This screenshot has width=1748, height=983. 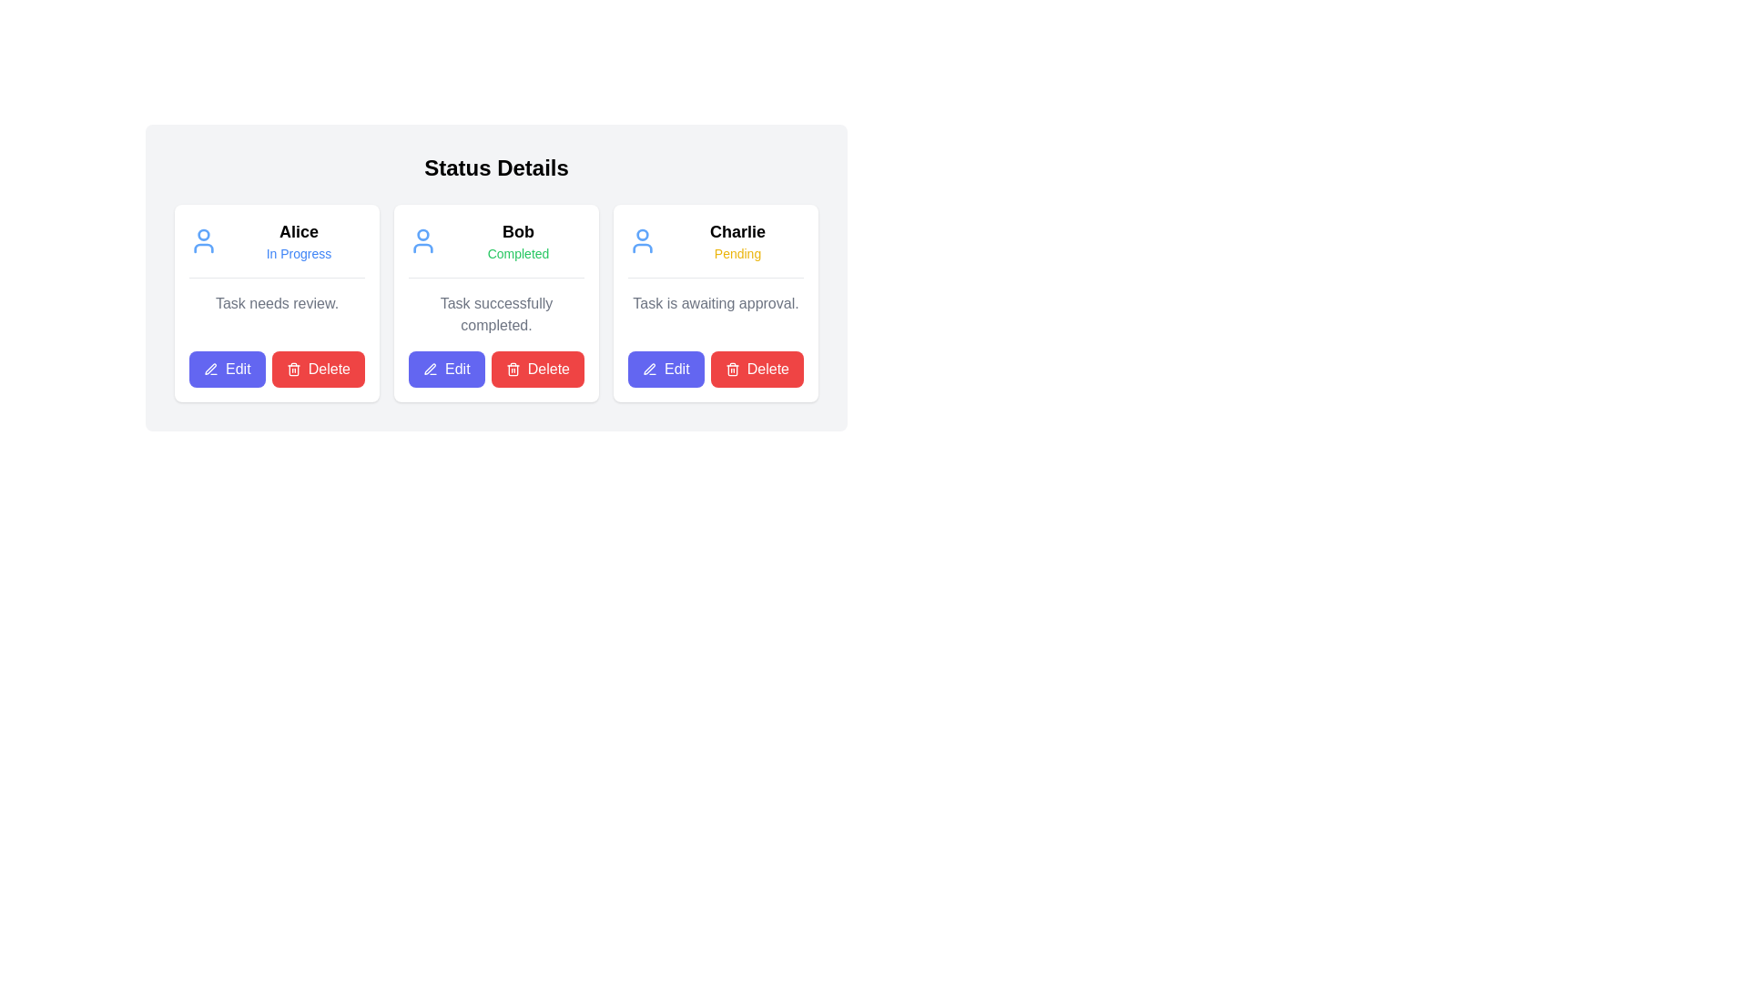 I want to click on the group of buttons labeled 'Edit' and 'Delete', so click(x=715, y=369).